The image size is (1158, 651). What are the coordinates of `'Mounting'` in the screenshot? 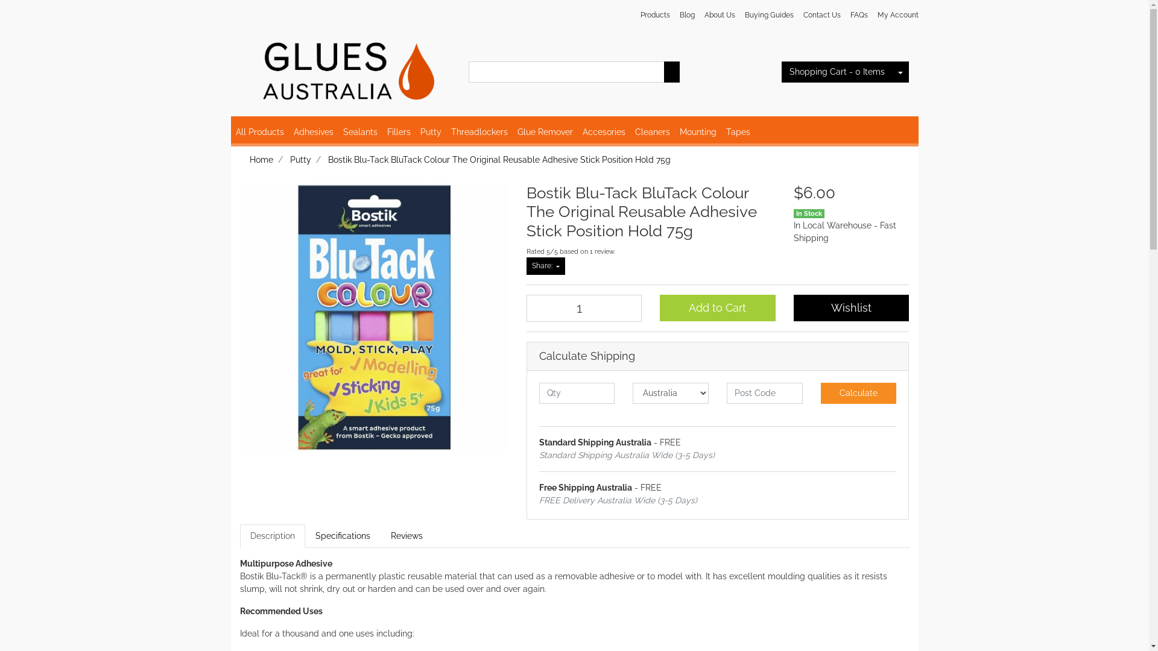 It's located at (697, 132).